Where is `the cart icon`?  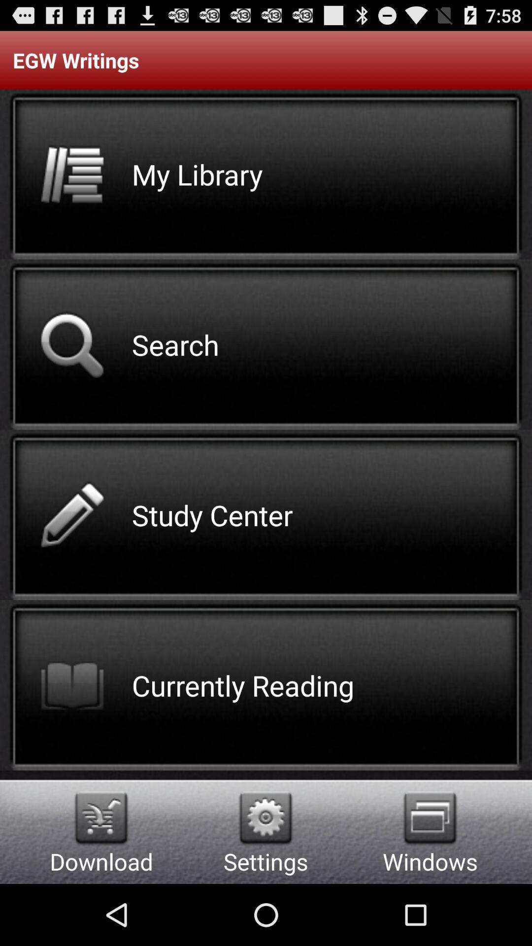 the cart icon is located at coordinates (101, 875).